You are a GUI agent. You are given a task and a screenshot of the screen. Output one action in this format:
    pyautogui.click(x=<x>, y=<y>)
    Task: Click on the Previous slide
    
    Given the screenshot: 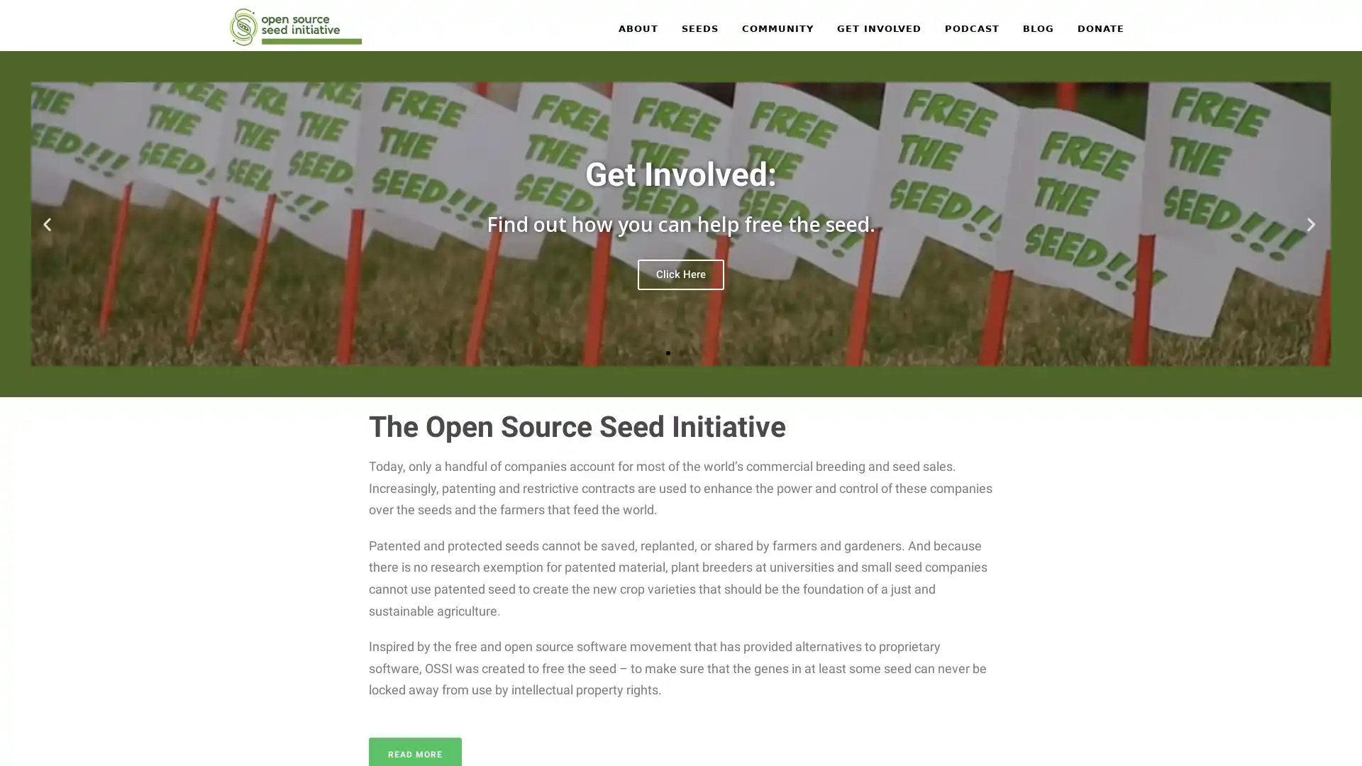 What is the action you would take?
    pyautogui.click(x=48, y=223)
    